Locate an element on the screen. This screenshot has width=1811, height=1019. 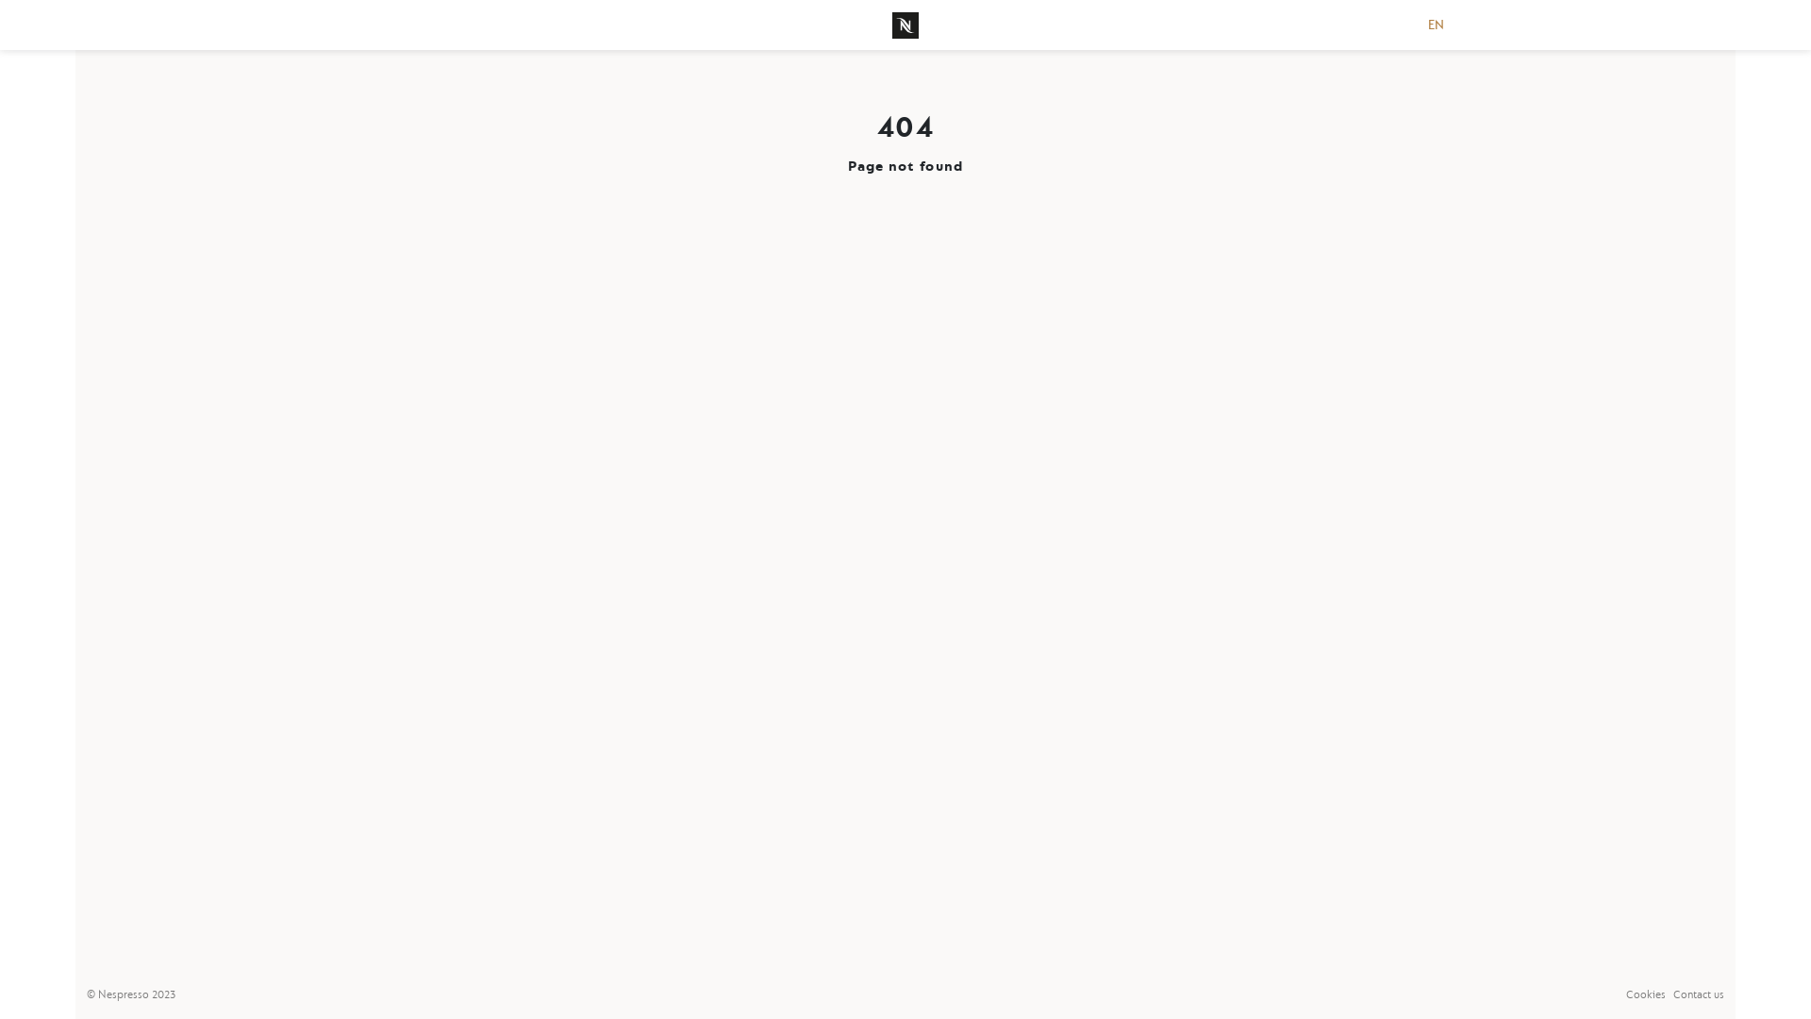
'EN' is located at coordinates (1435, 25).